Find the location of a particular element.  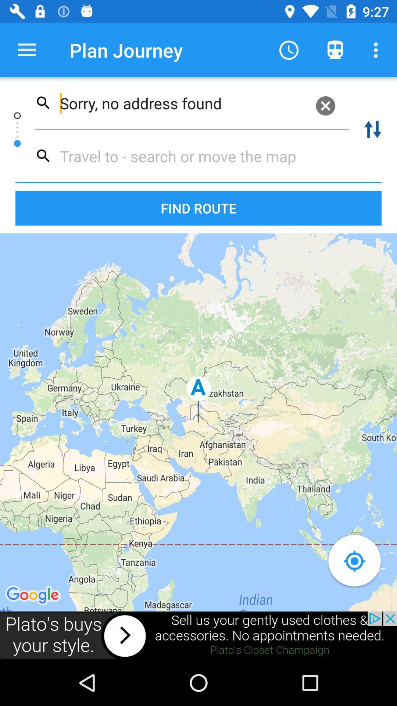

the first search bar is located at coordinates (191, 103).